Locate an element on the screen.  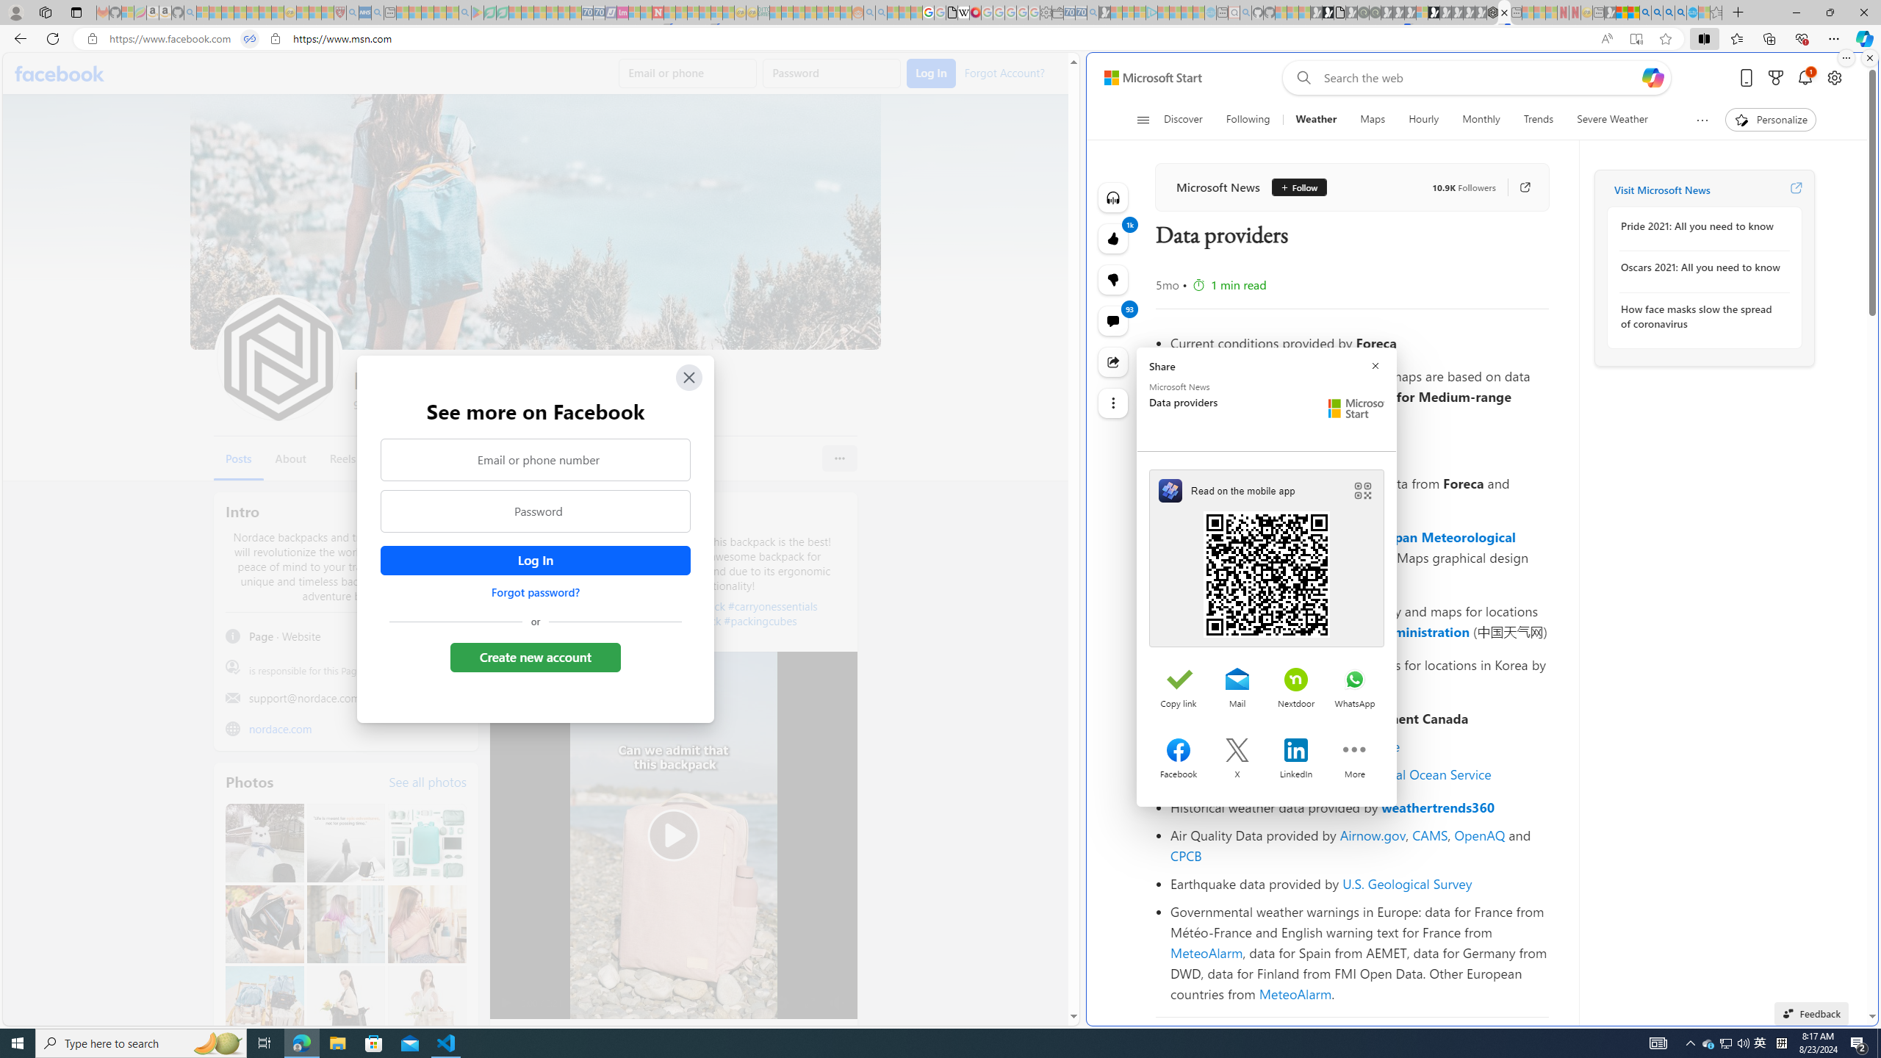
'Share on Nextdoor' is located at coordinates (1295, 680).